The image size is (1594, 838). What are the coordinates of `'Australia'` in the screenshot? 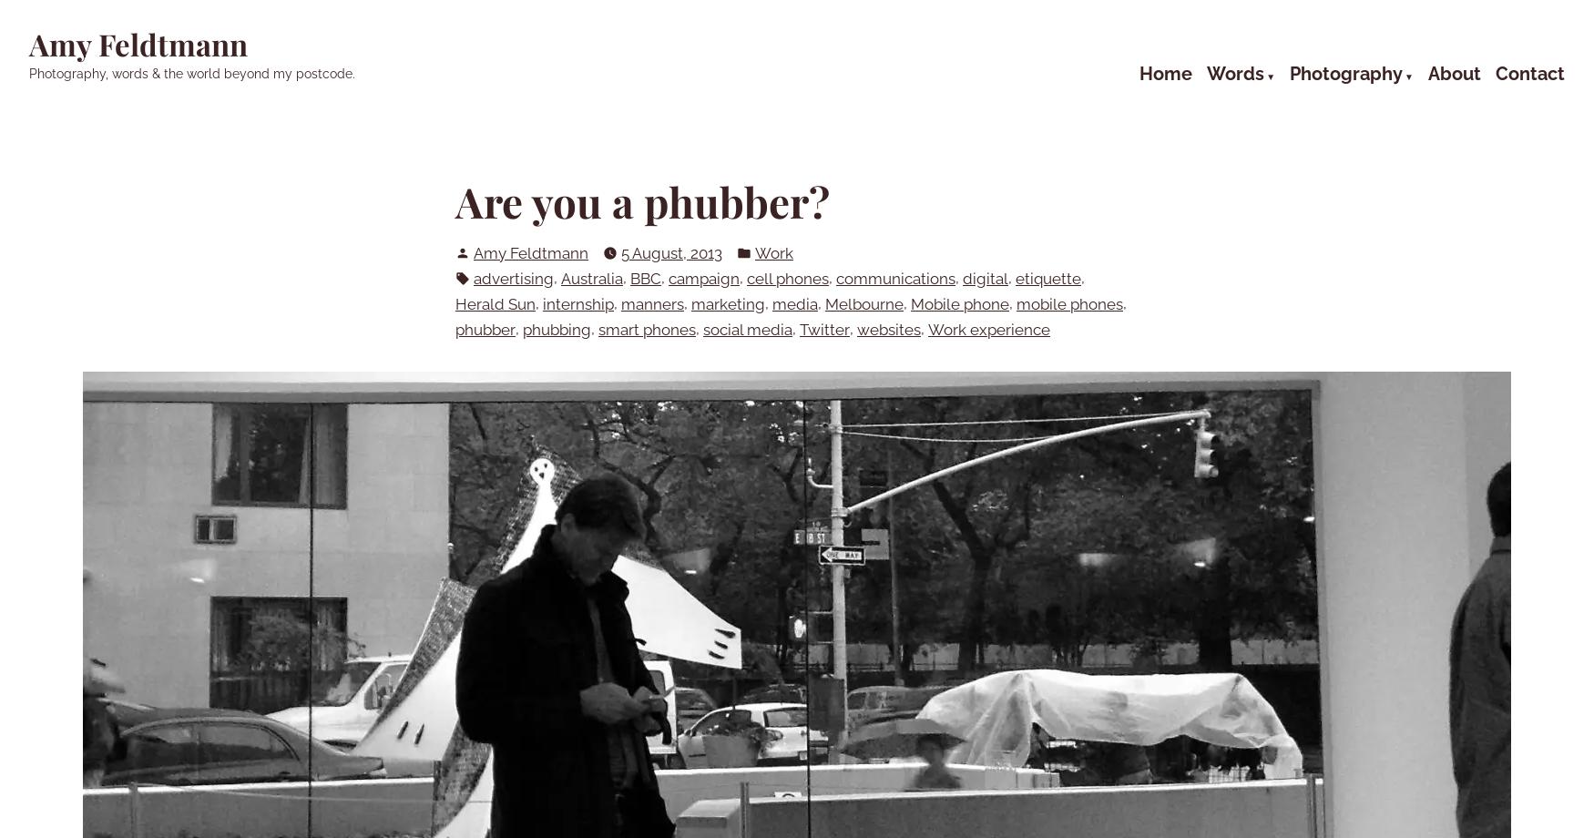 It's located at (590, 277).